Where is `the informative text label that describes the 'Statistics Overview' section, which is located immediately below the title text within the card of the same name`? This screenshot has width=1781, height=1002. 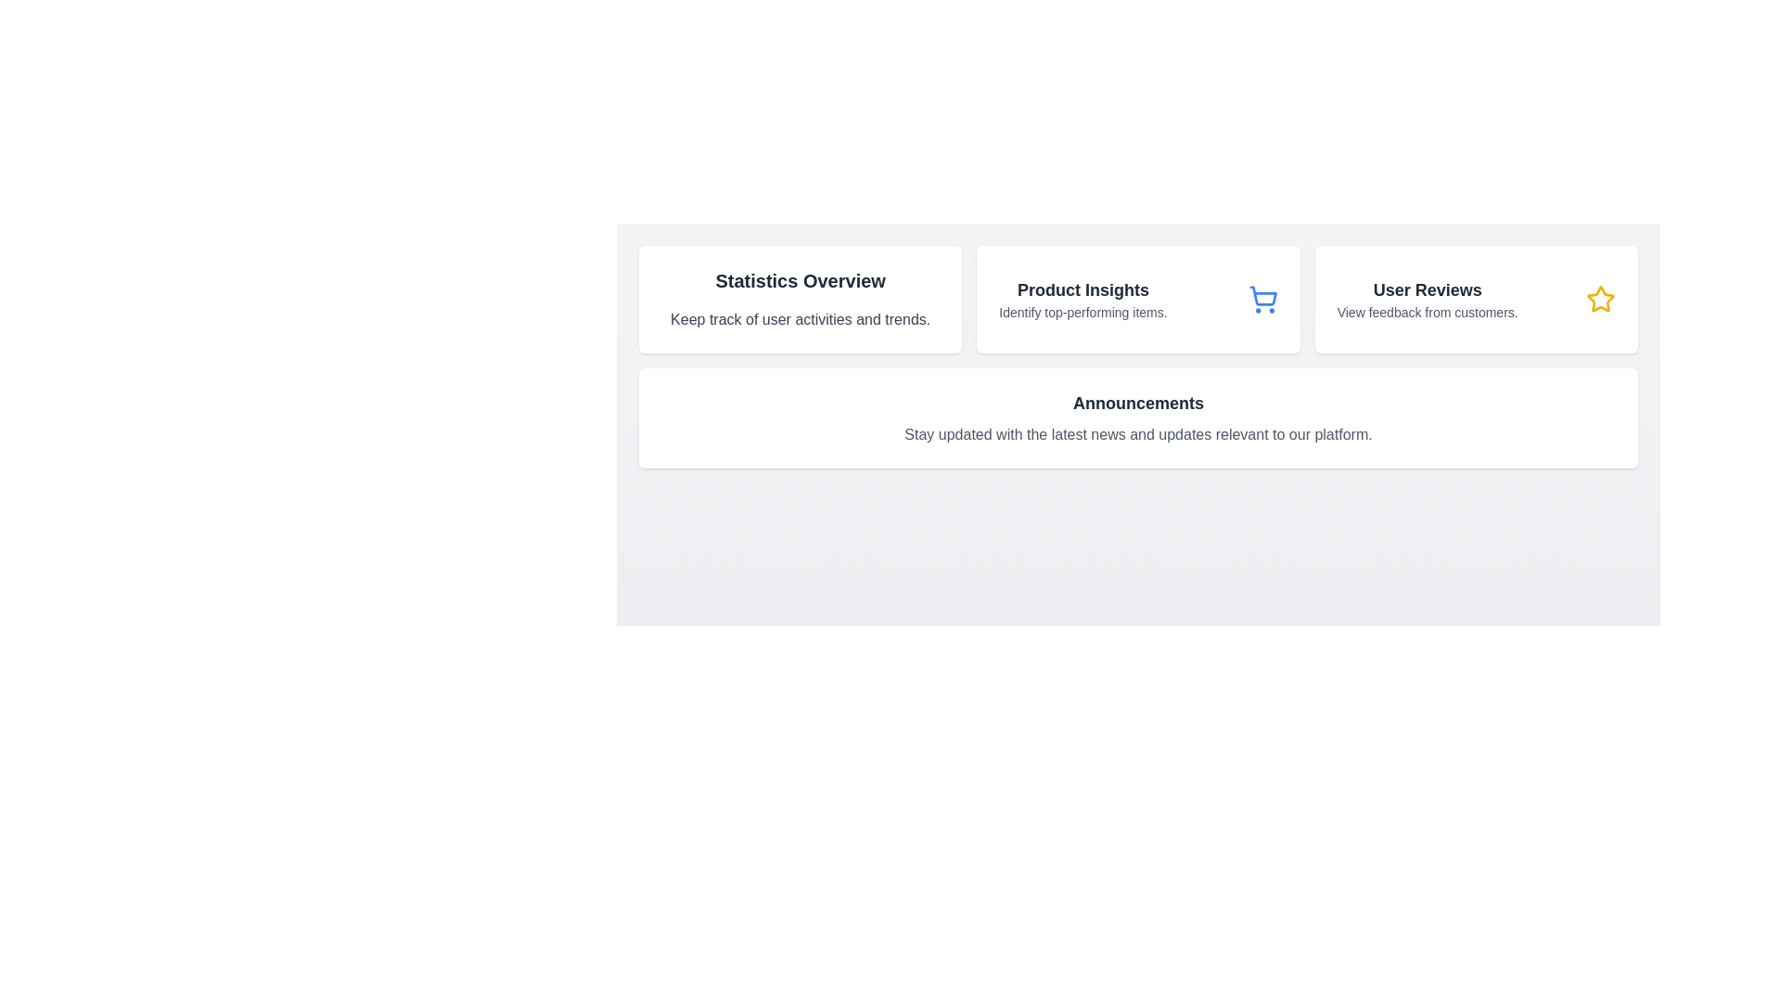 the informative text label that describes the 'Statistics Overview' section, which is located immediately below the title text within the card of the same name is located at coordinates (801, 318).